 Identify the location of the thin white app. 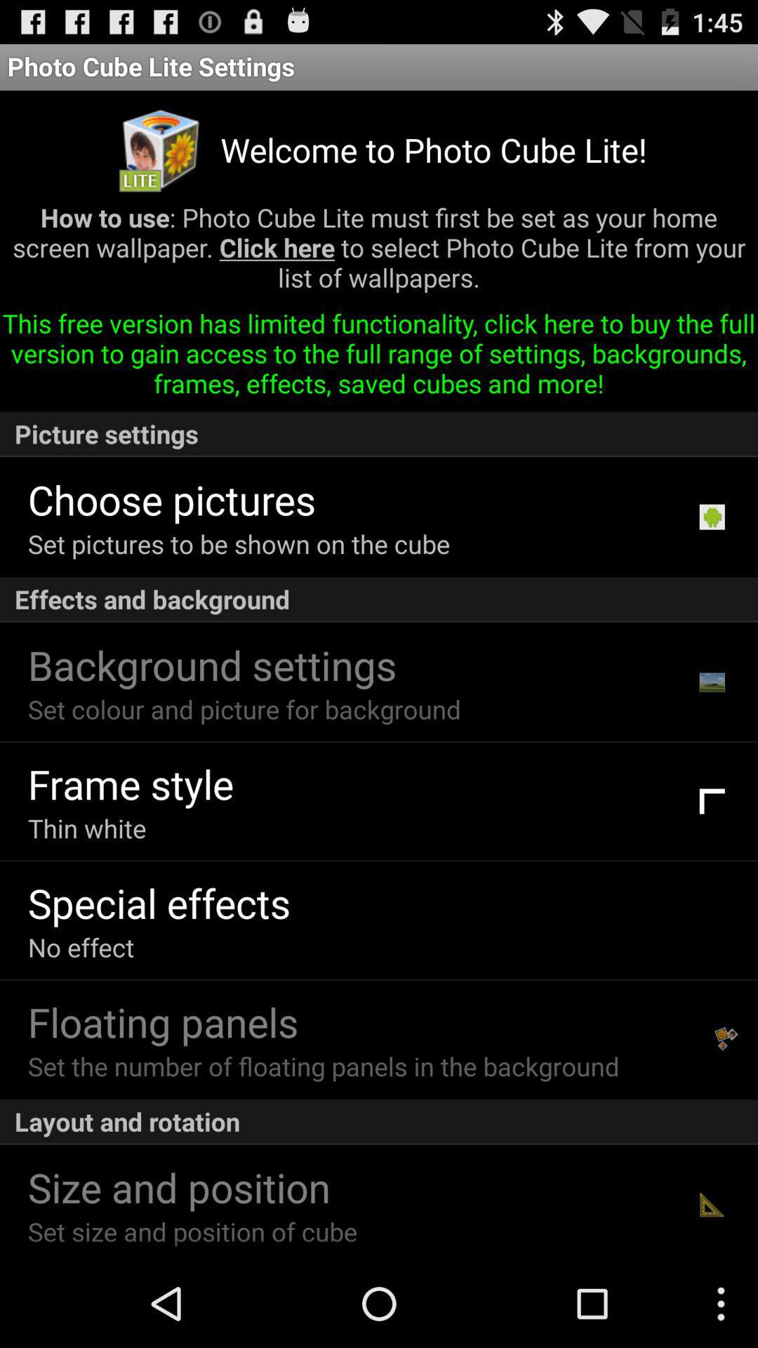
(87, 828).